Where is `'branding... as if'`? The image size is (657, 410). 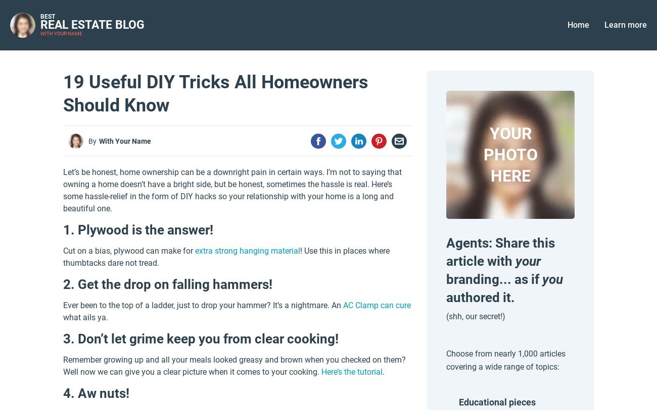
'branding... as if' is located at coordinates (445, 279).